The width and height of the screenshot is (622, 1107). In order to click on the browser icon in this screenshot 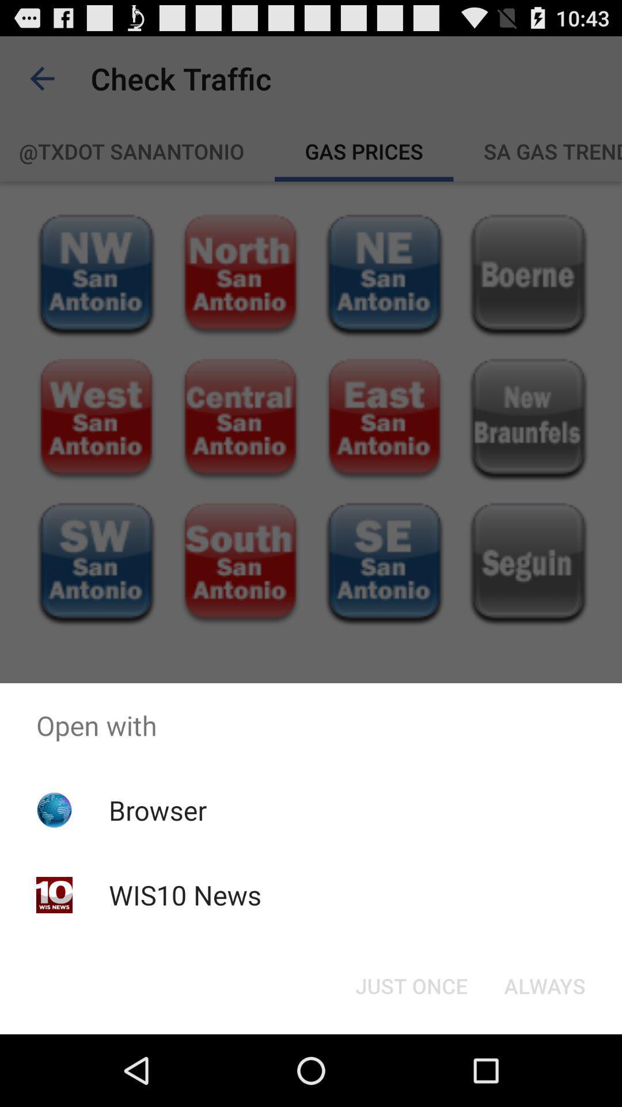, I will do `click(158, 809)`.